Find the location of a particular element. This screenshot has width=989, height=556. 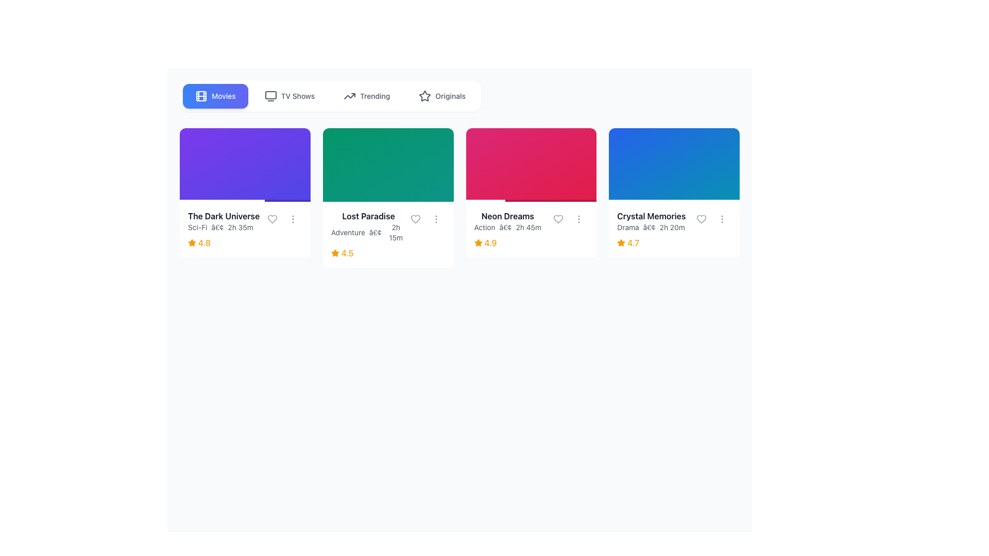

the star icon representing the rating of 'Neon Dreams', which is located to the left of the text '4.9' in the rating section under the 'Neon Dreams' card is located at coordinates (478, 242).